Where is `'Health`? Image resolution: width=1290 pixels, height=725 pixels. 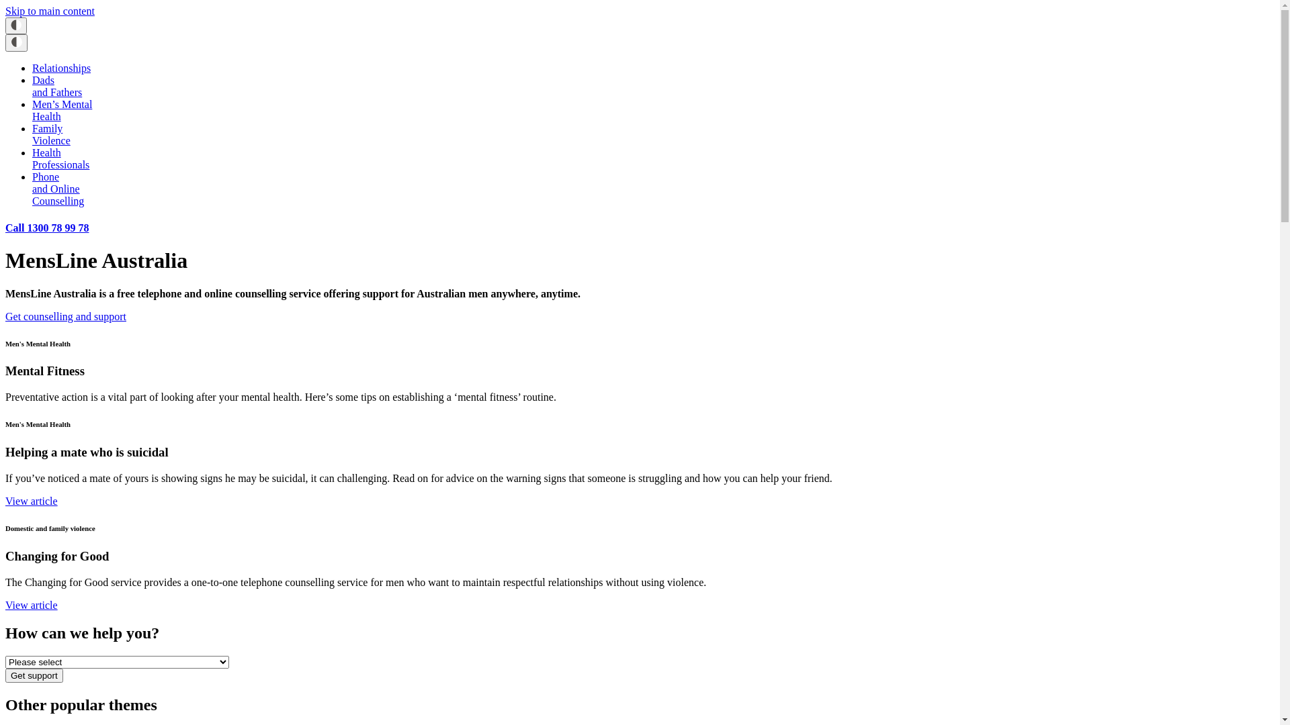
'Health is located at coordinates (60, 158).